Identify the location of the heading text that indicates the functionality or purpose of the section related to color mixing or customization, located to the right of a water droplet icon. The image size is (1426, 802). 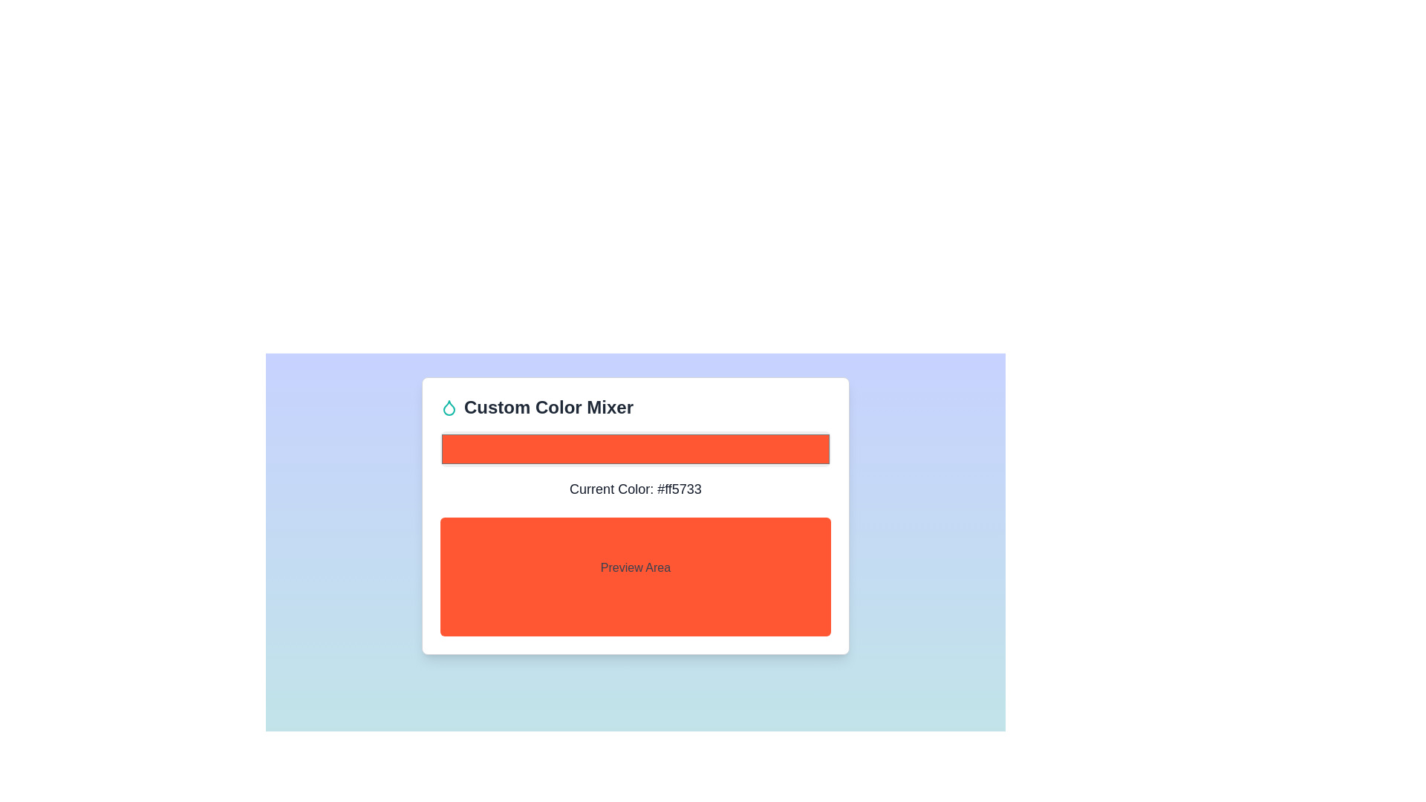
(548, 407).